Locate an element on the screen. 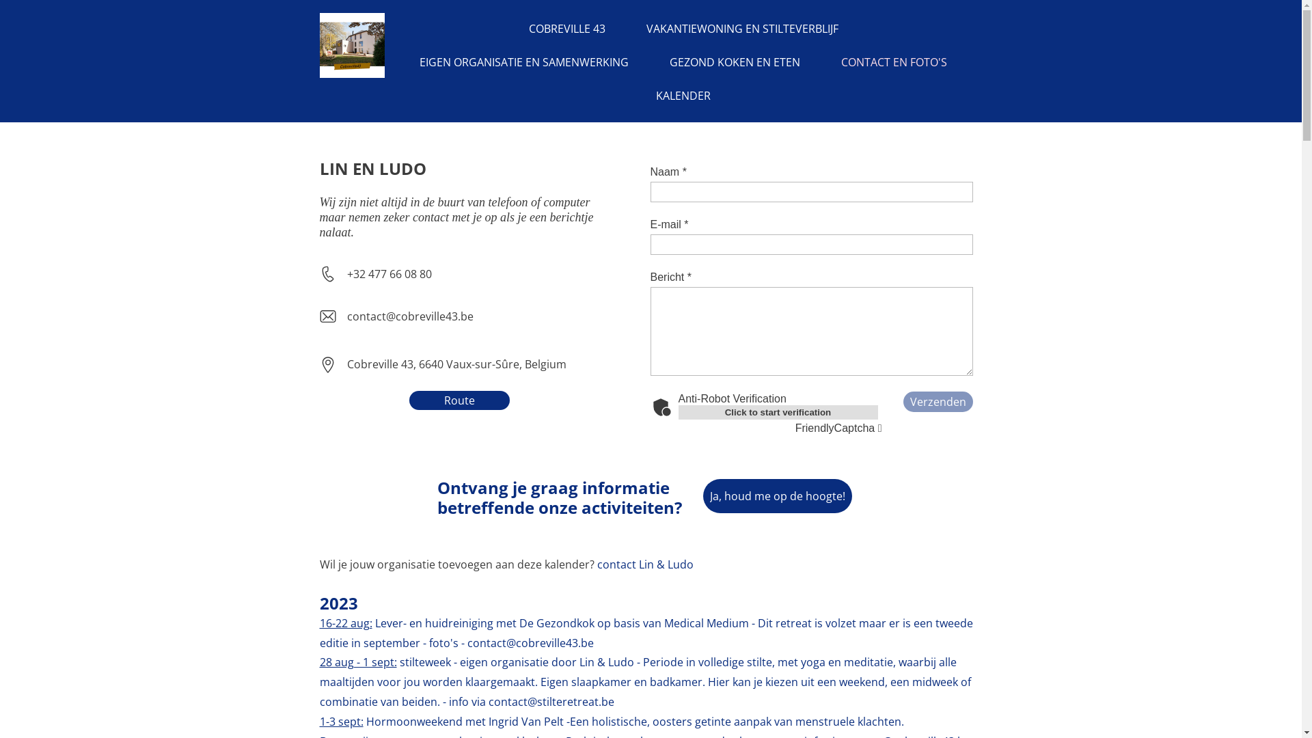 Image resolution: width=1312 pixels, height=738 pixels. 'VAKANTIEWONING EN STILTEVERBLIJF' is located at coordinates (741, 29).